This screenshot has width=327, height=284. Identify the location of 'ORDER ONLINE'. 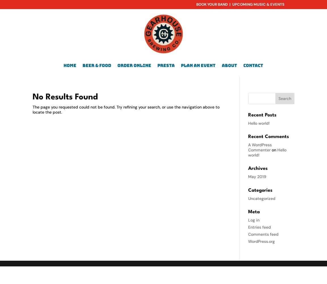
(134, 65).